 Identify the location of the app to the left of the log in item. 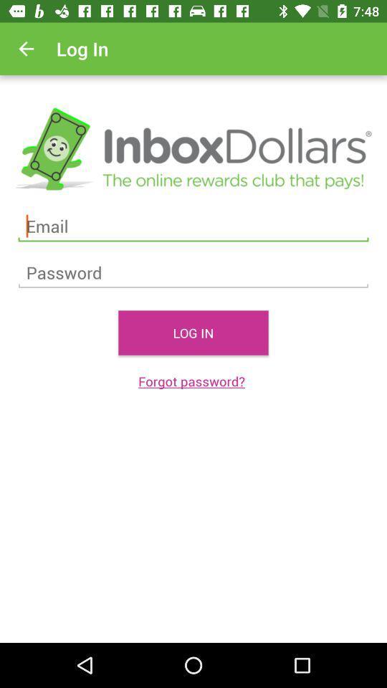
(26, 49).